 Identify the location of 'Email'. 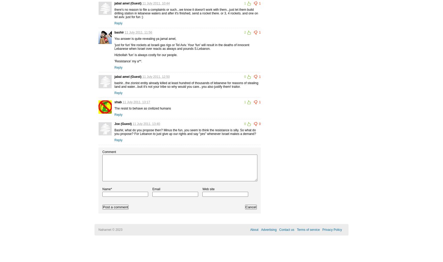
(156, 189).